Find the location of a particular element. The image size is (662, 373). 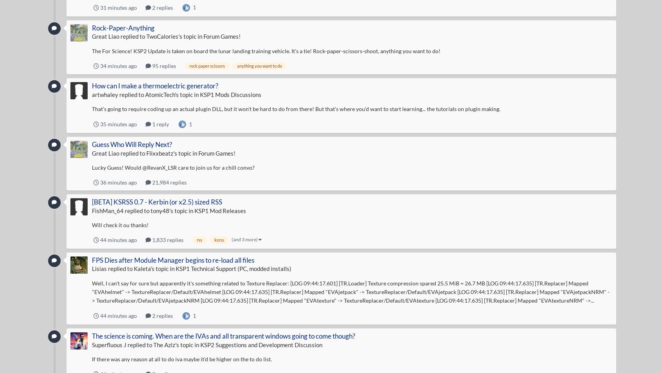

'rock paper scissors' is located at coordinates (207, 65).